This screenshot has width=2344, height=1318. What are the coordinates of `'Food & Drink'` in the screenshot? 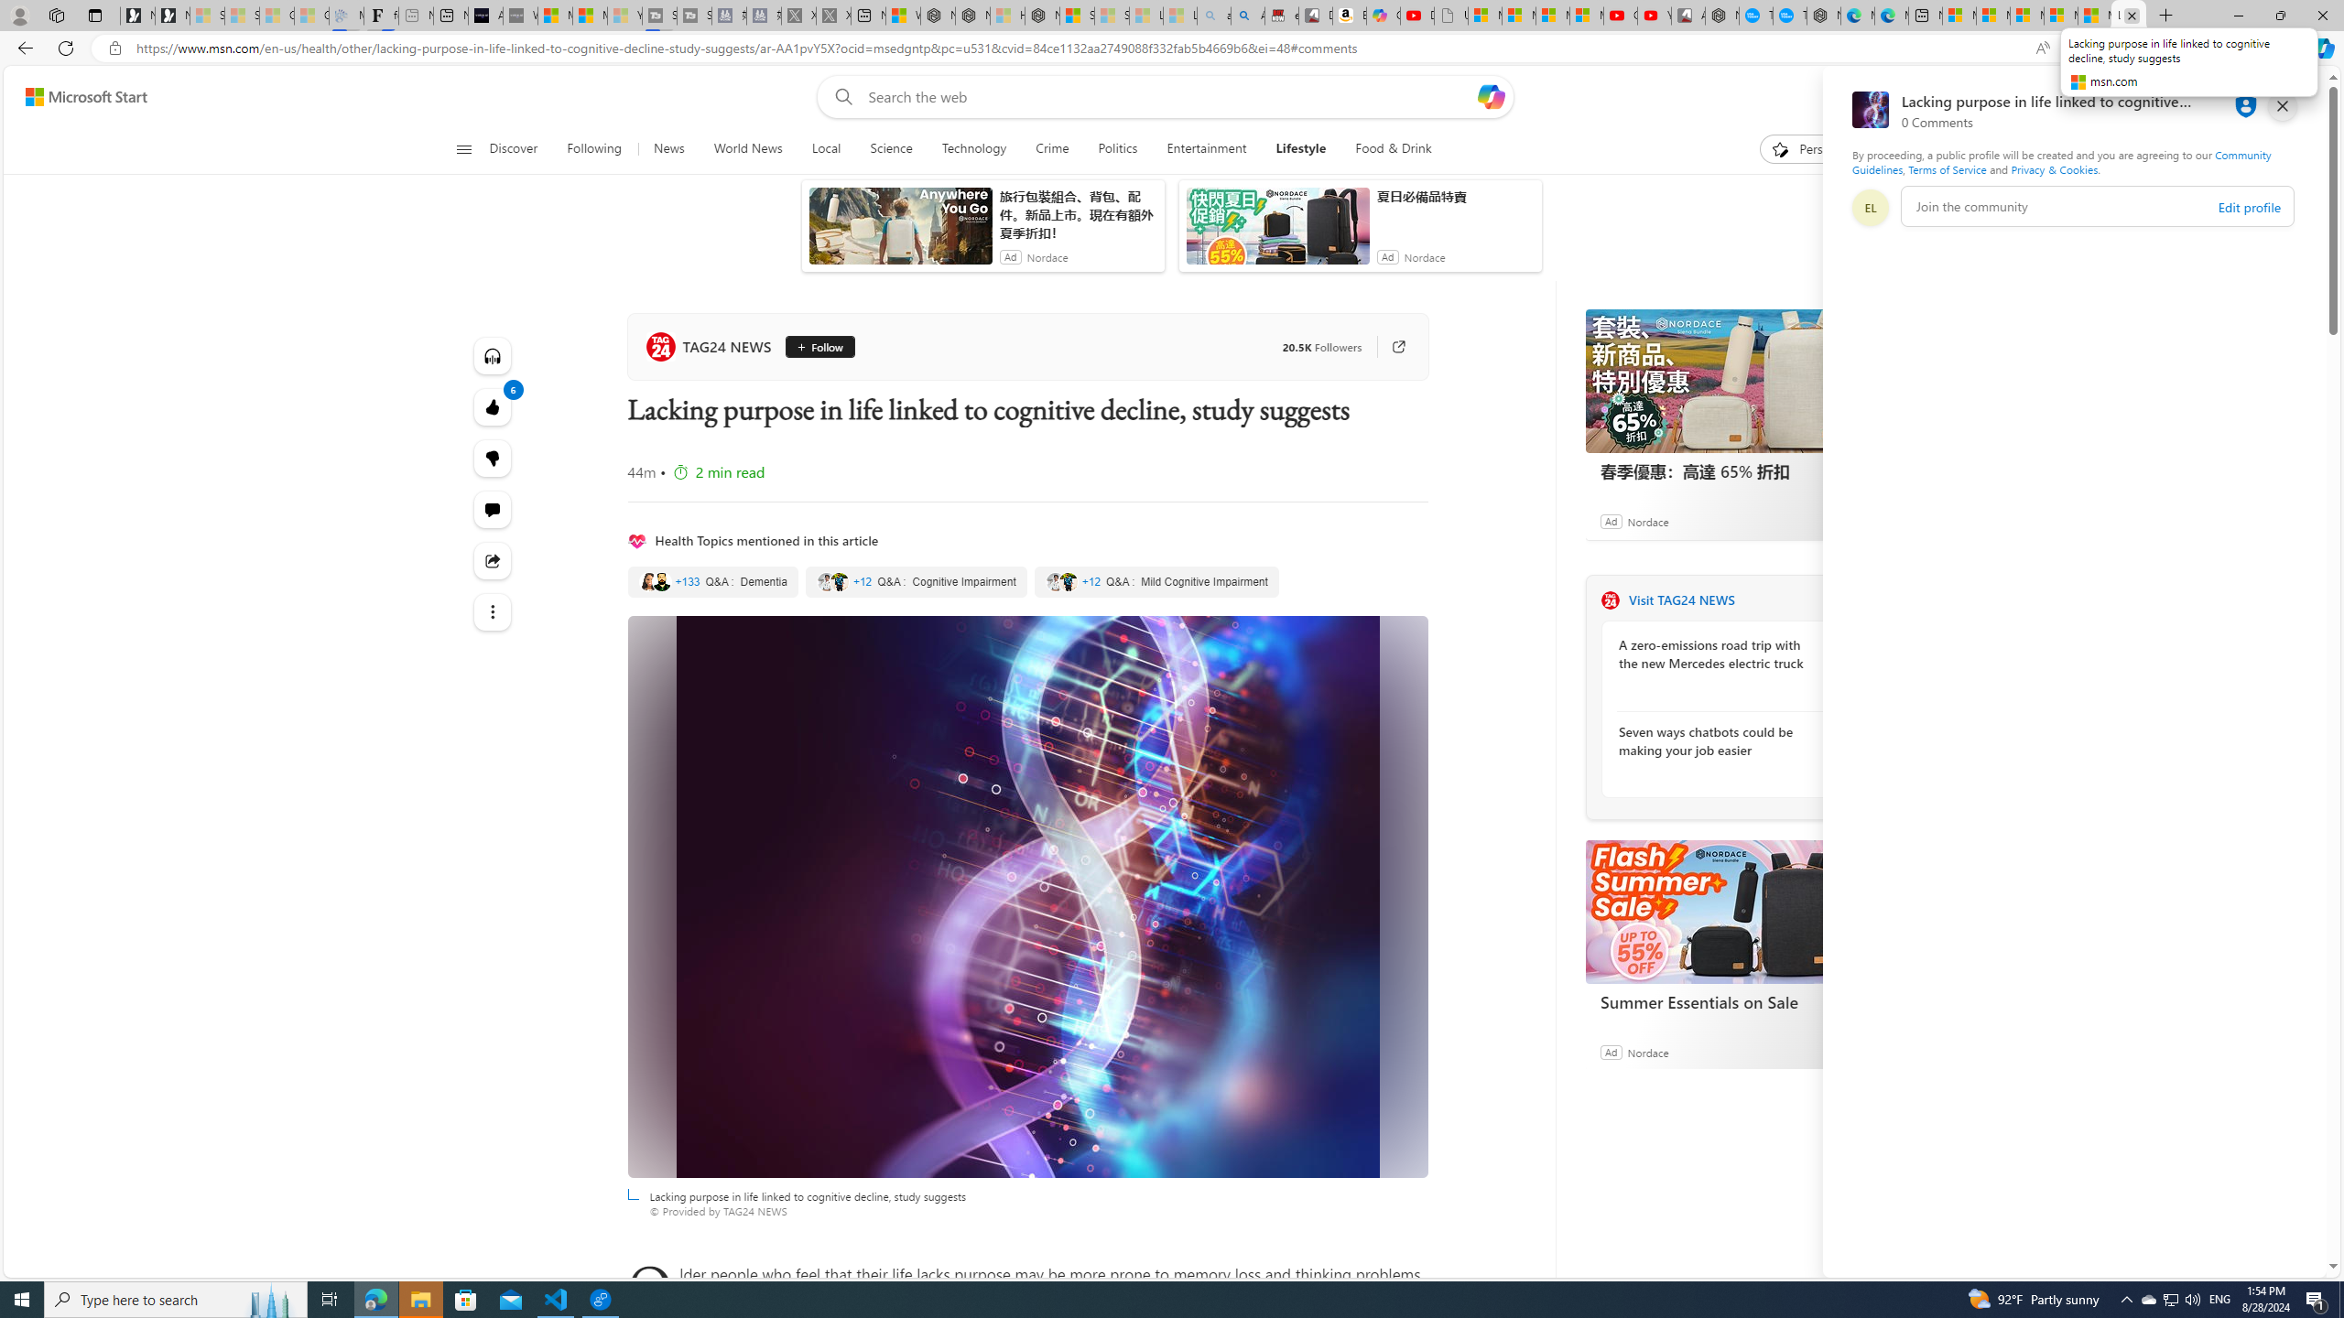 It's located at (1385, 148).